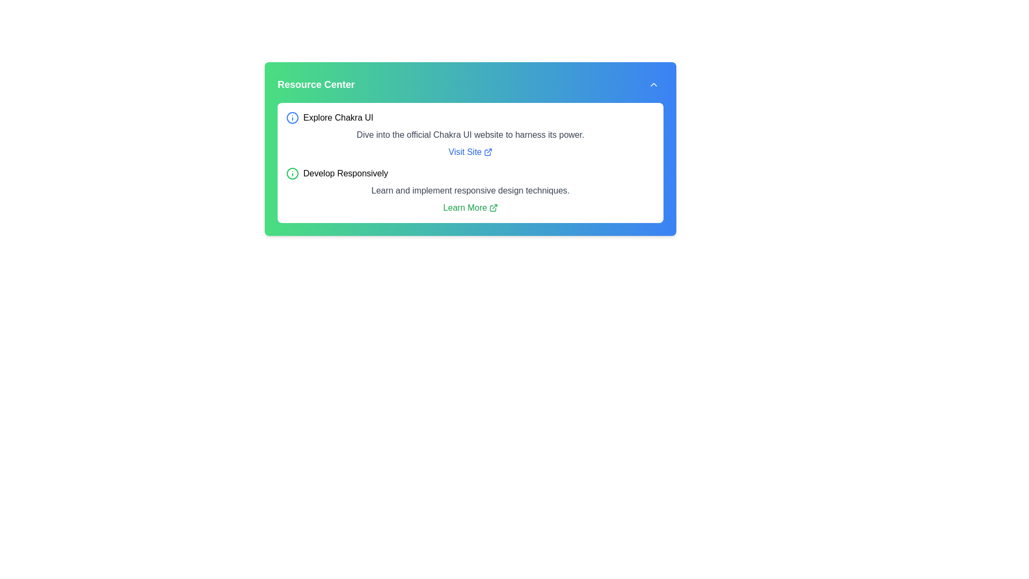 The image size is (1029, 579). I want to click on the descriptive text element located below the title 'Explore Chakra UI' and above the 'Visit Site' hyperlink button, so click(471, 134).